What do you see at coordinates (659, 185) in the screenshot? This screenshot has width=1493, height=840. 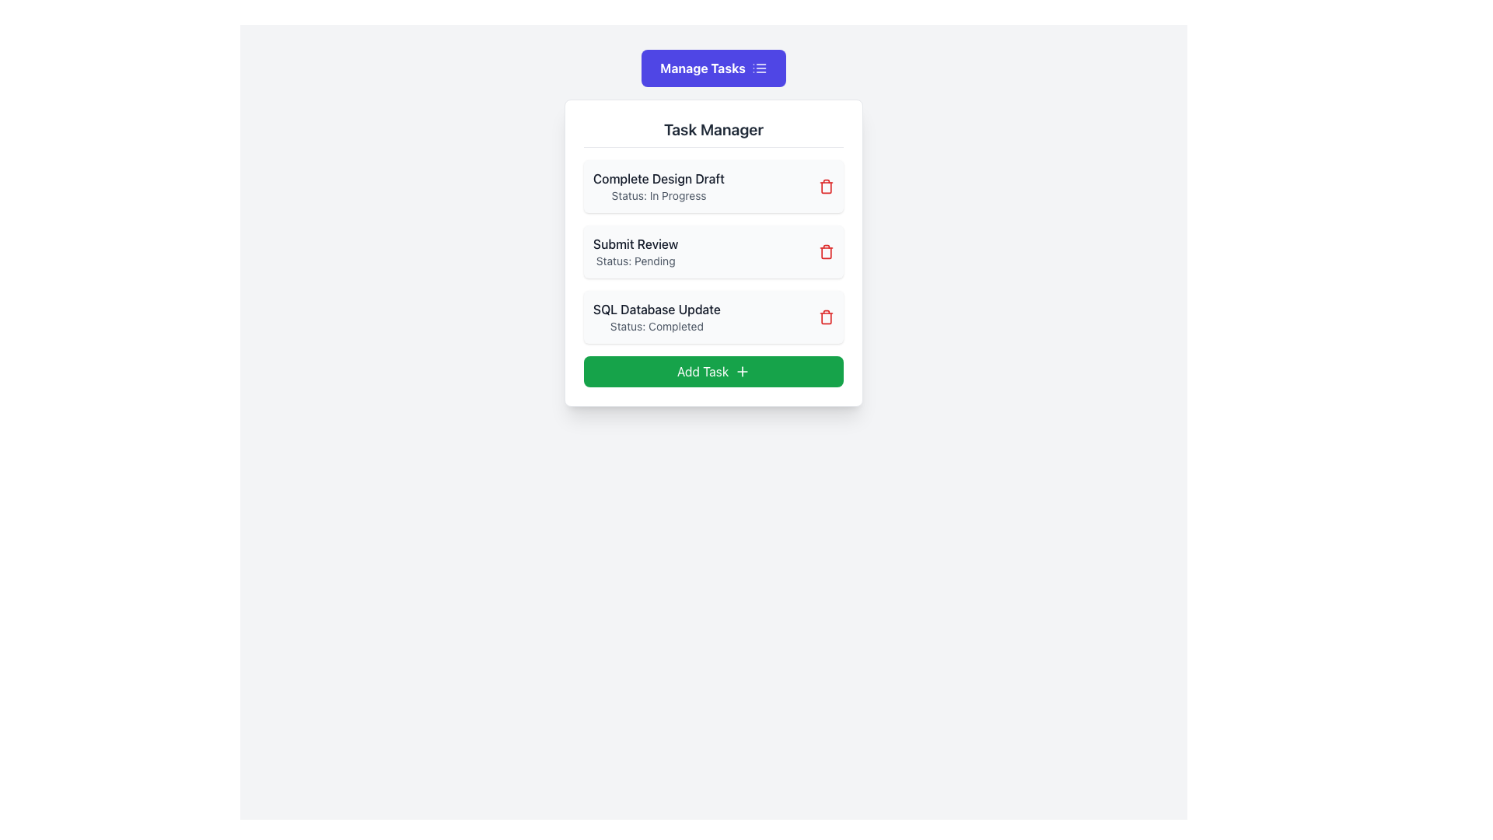 I see `static text display that shows 'Complete Design Draft' and 'Status: In Progress' within the Task Manager card layout` at bounding box center [659, 185].